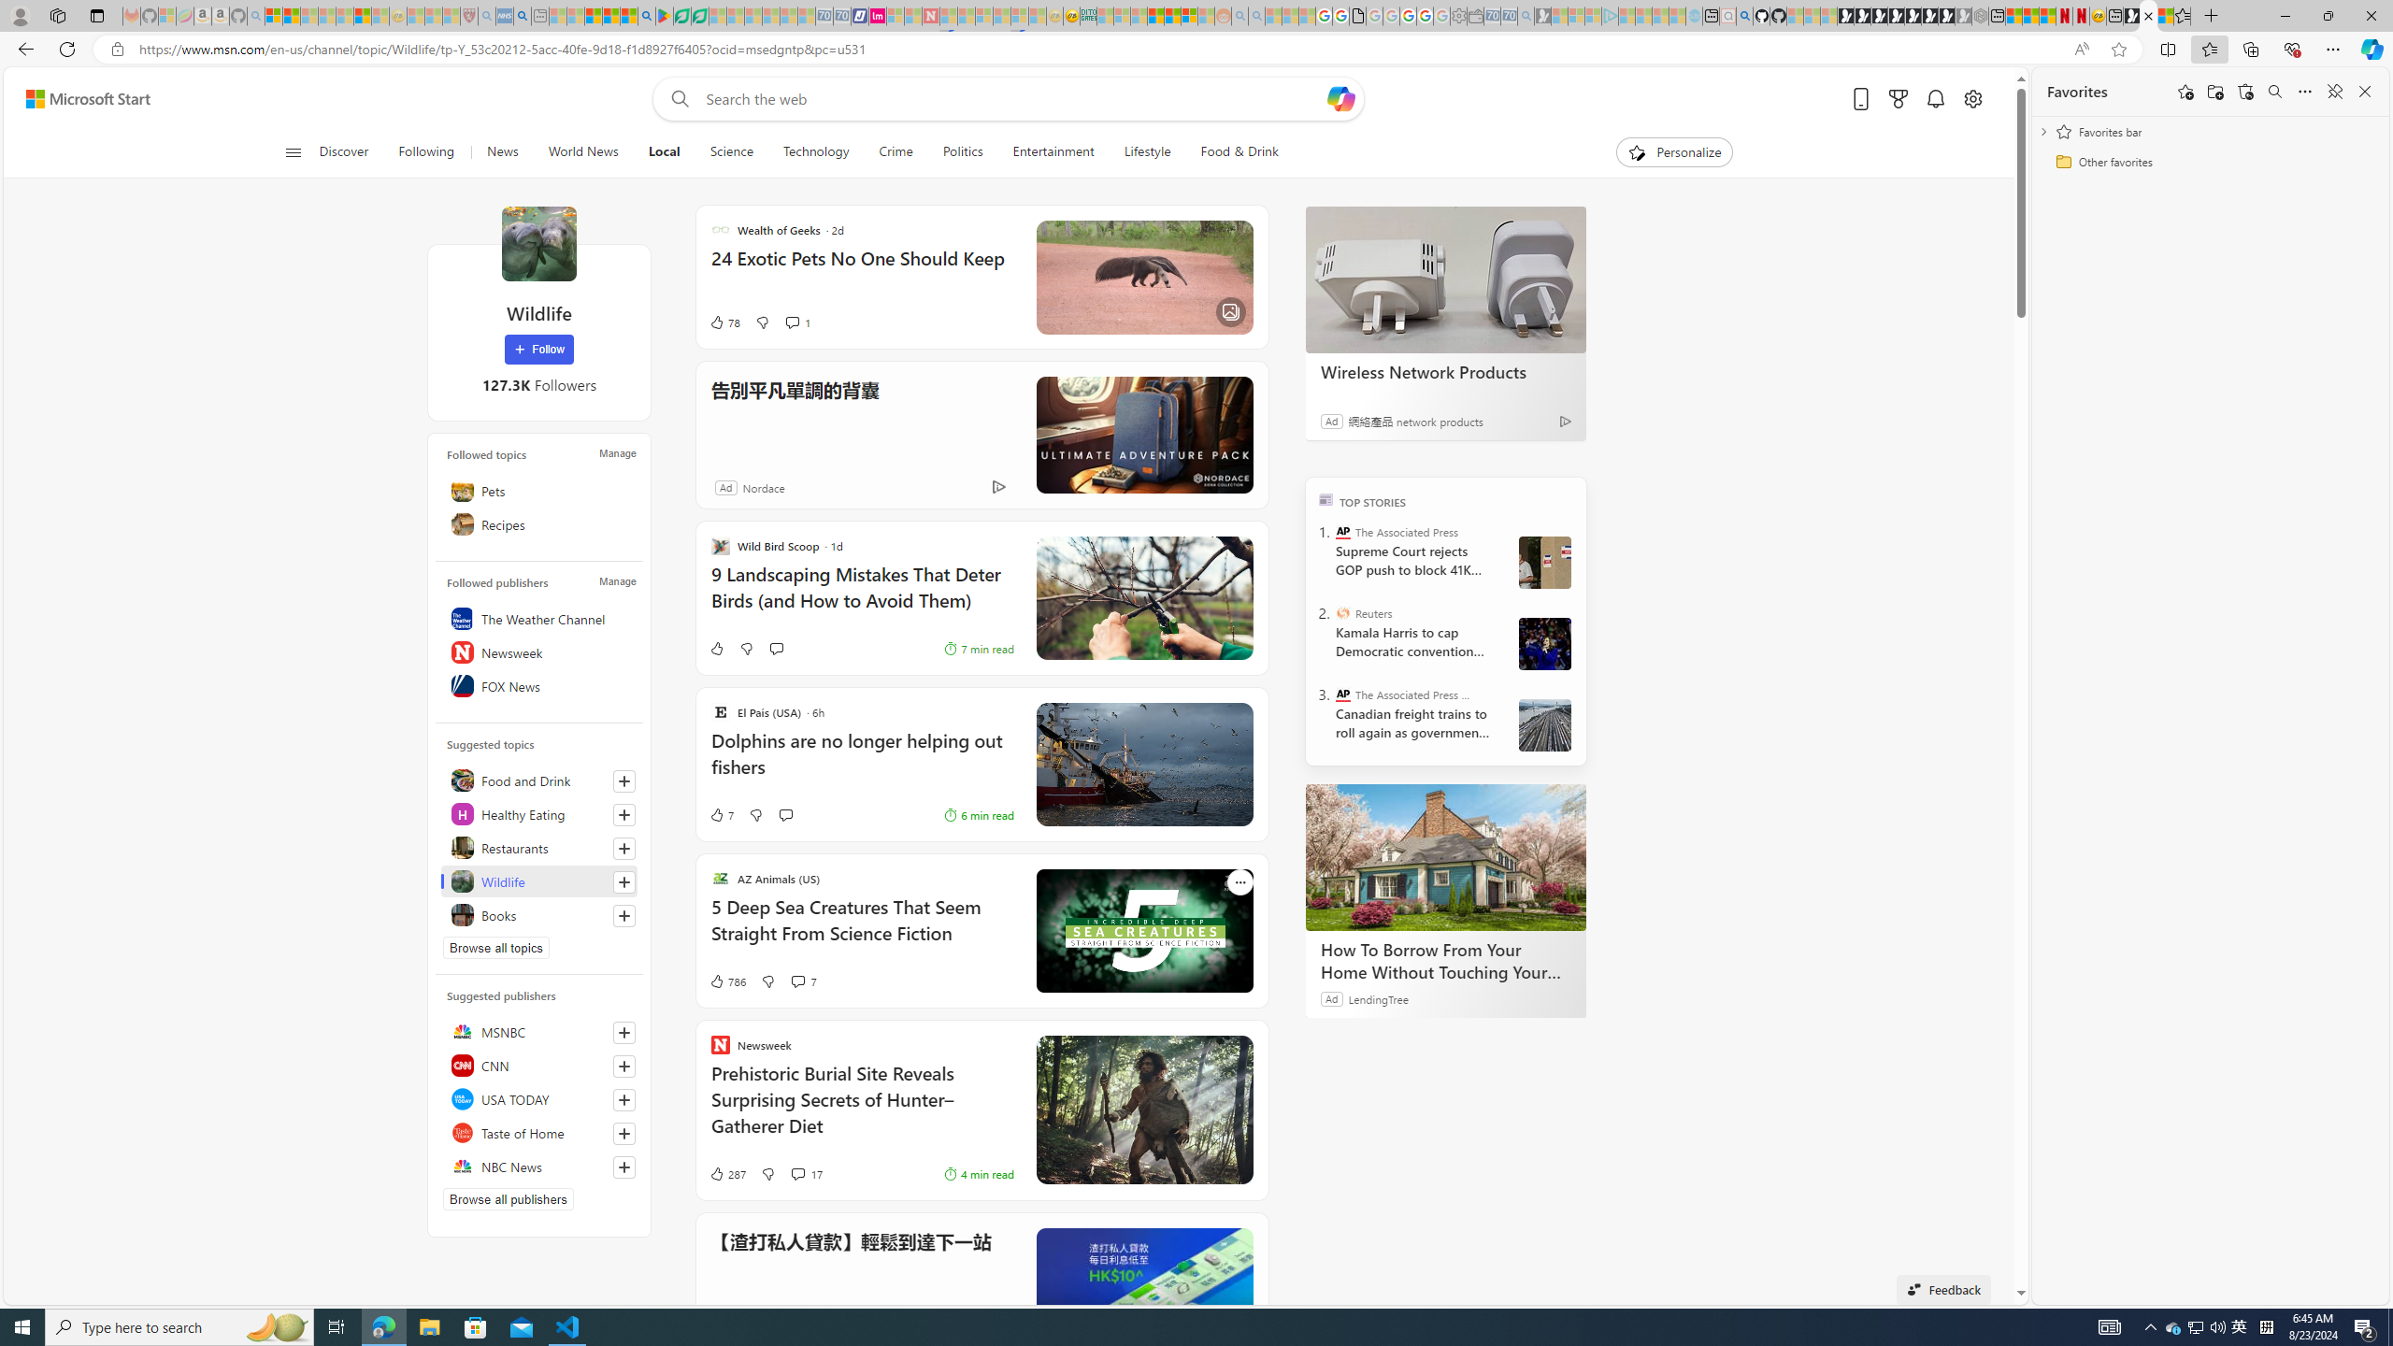  Describe the element at coordinates (1341, 694) in the screenshot. I see `'The Associated Press - Business News'` at that location.